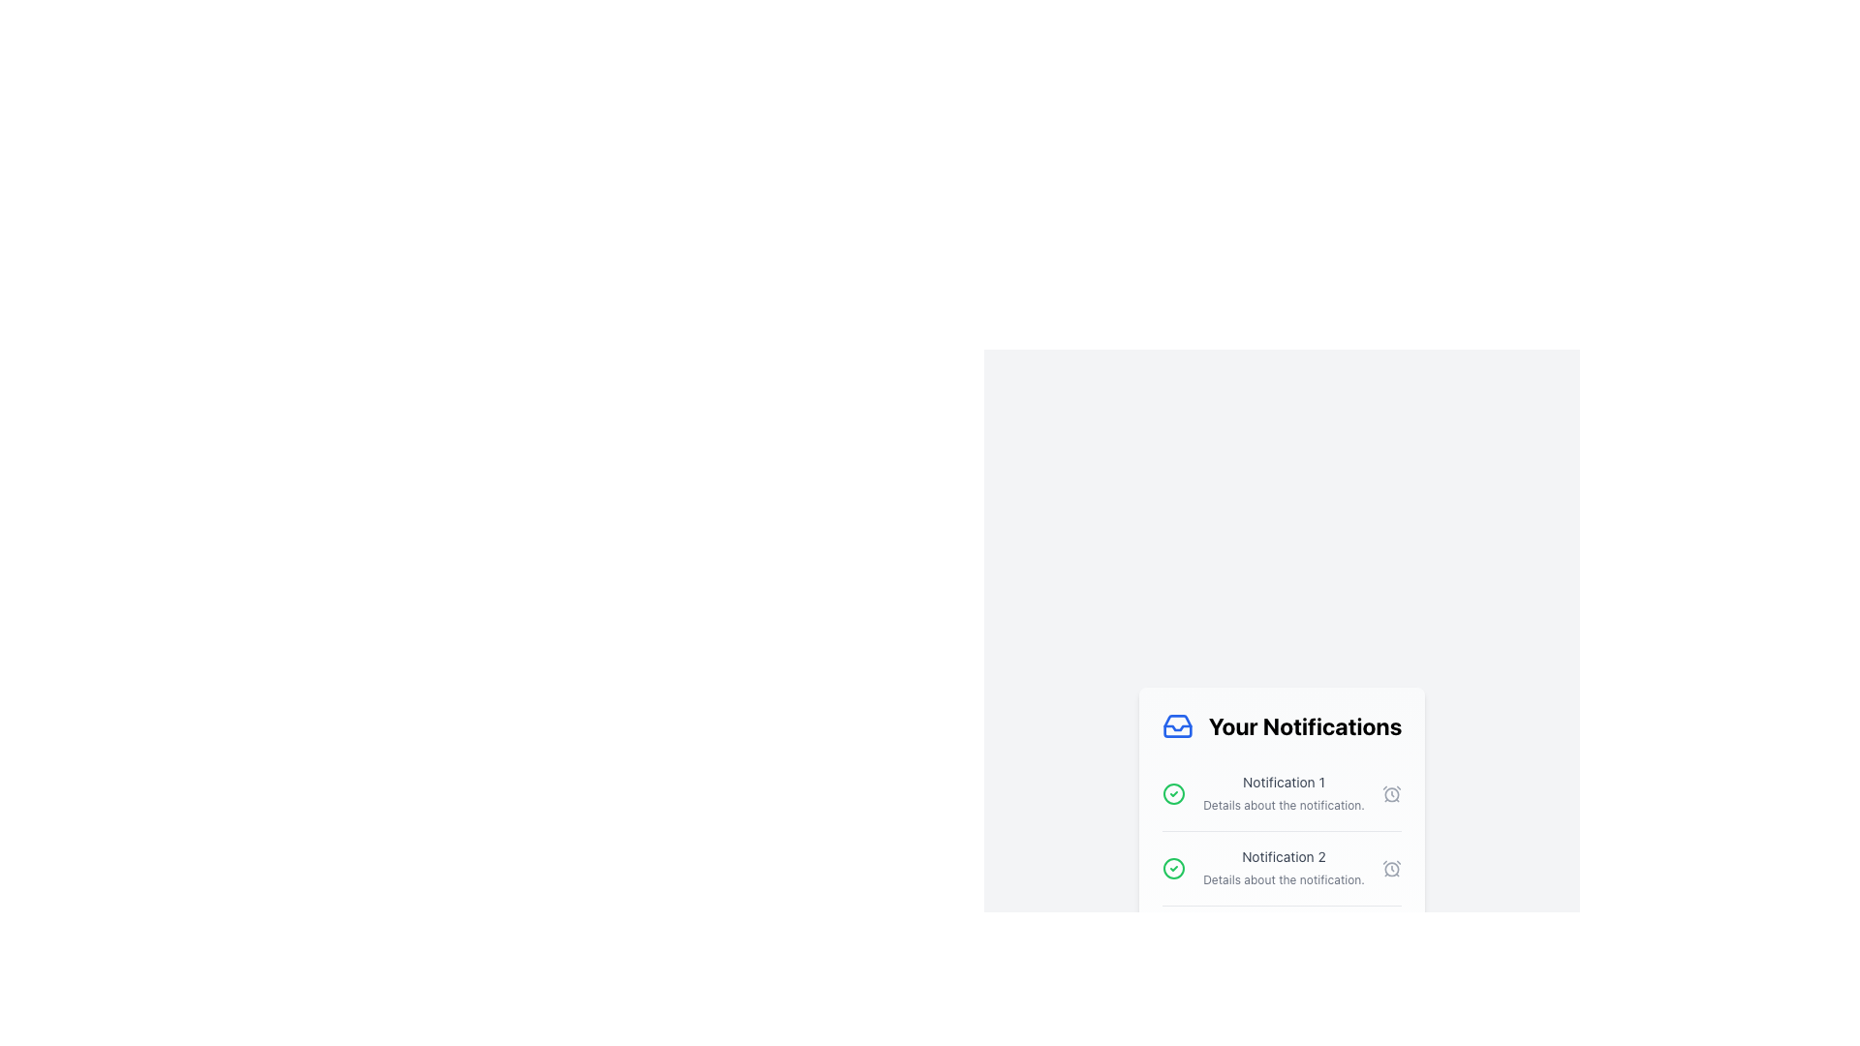  Describe the element at coordinates (1176, 725) in the screenshot. I see `the blue inbox icon with a down arrow located to the left of the 'Your Notifications' text` at that location.